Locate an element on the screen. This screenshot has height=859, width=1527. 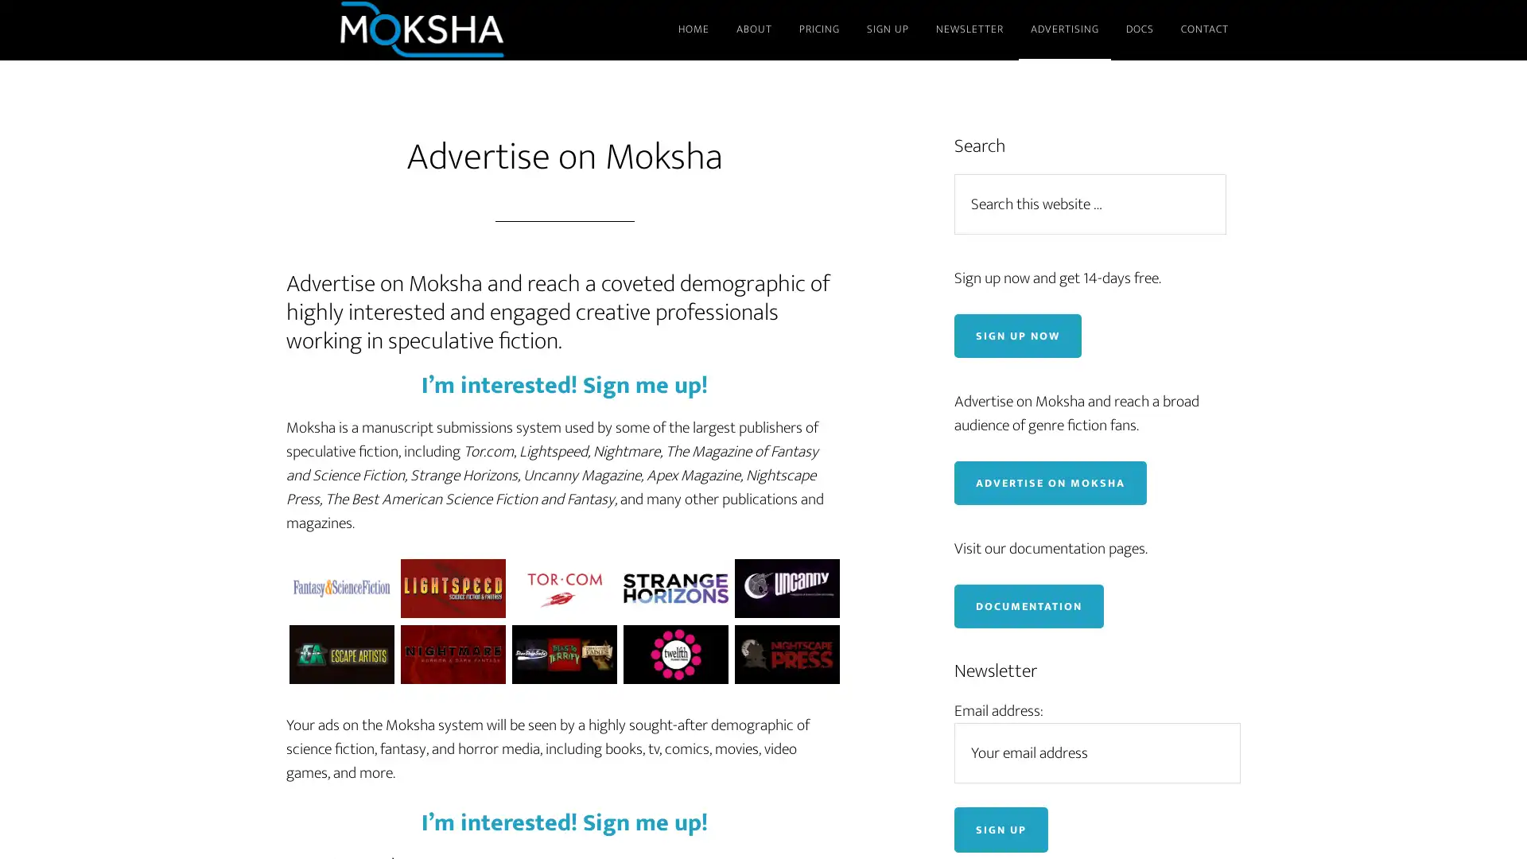
Search is located at coordinates (1233, 173).